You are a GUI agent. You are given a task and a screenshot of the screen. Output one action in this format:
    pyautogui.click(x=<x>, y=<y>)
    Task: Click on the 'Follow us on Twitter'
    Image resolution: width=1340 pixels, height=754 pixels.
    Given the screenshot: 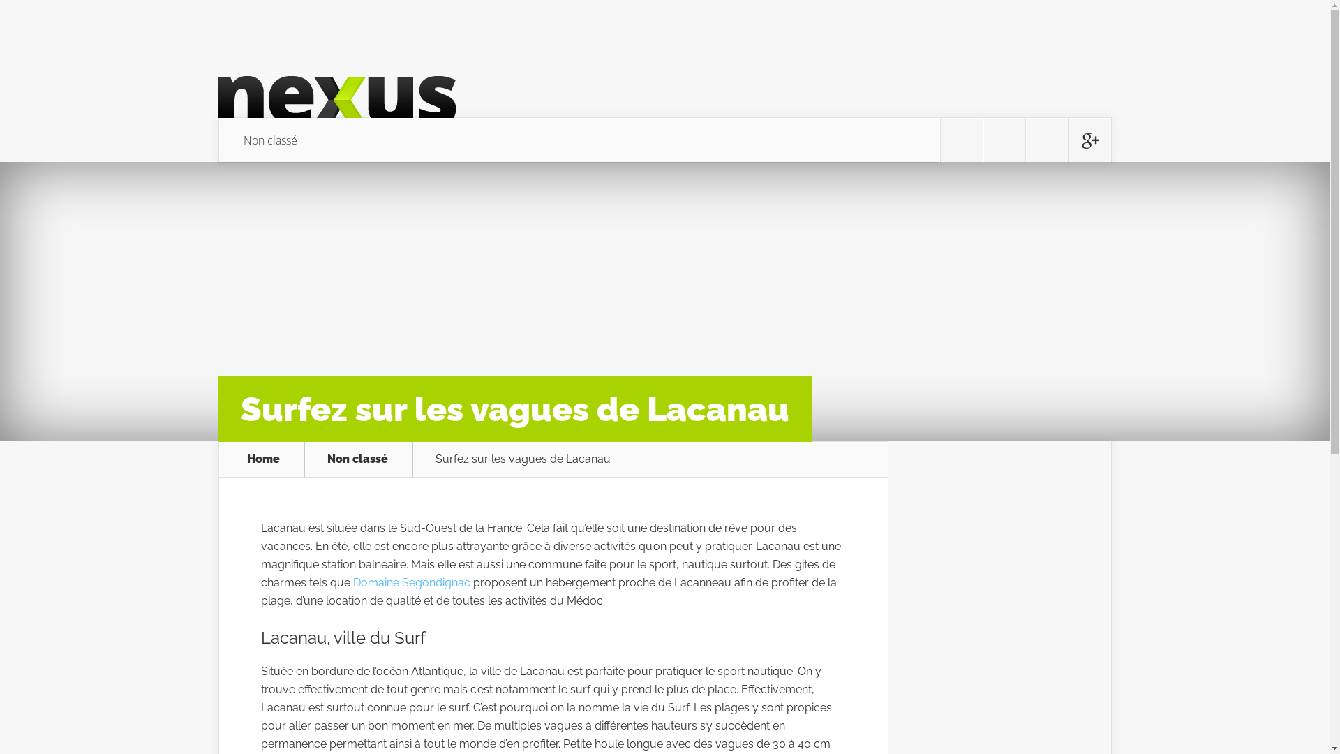 What is the action you would take?
    pyautogui.click(x=941, y=140)
    